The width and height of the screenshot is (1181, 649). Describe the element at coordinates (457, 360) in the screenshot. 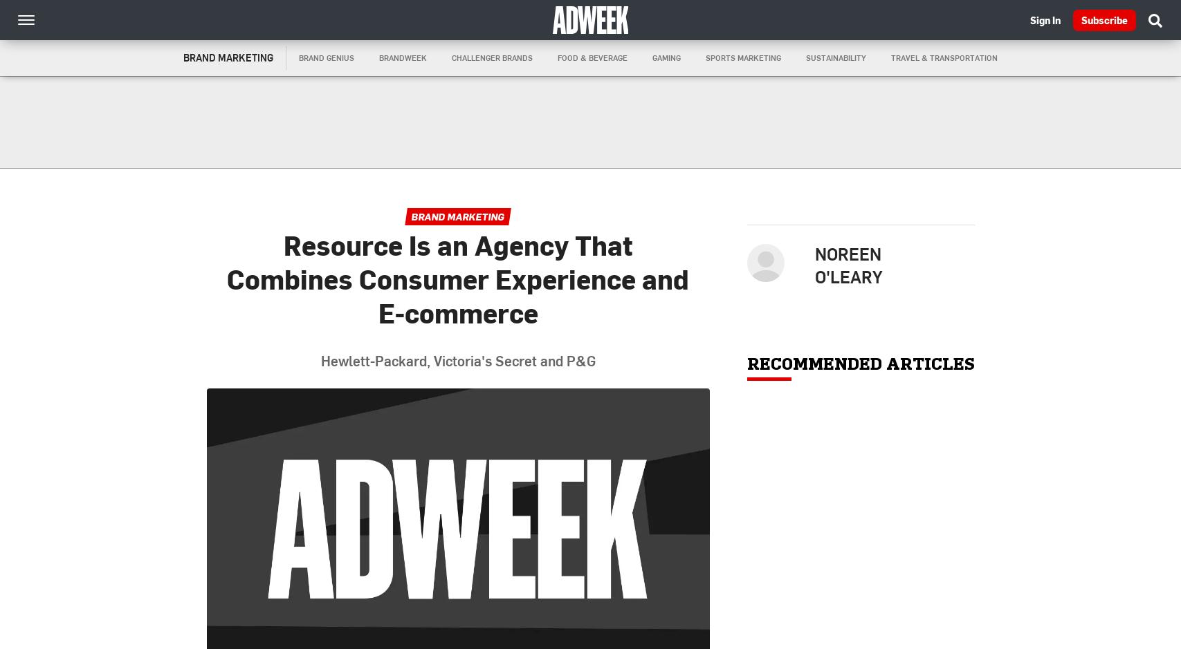

I see `'Hewlett-Packard, Victoria's Secret and P&G'` at that location.